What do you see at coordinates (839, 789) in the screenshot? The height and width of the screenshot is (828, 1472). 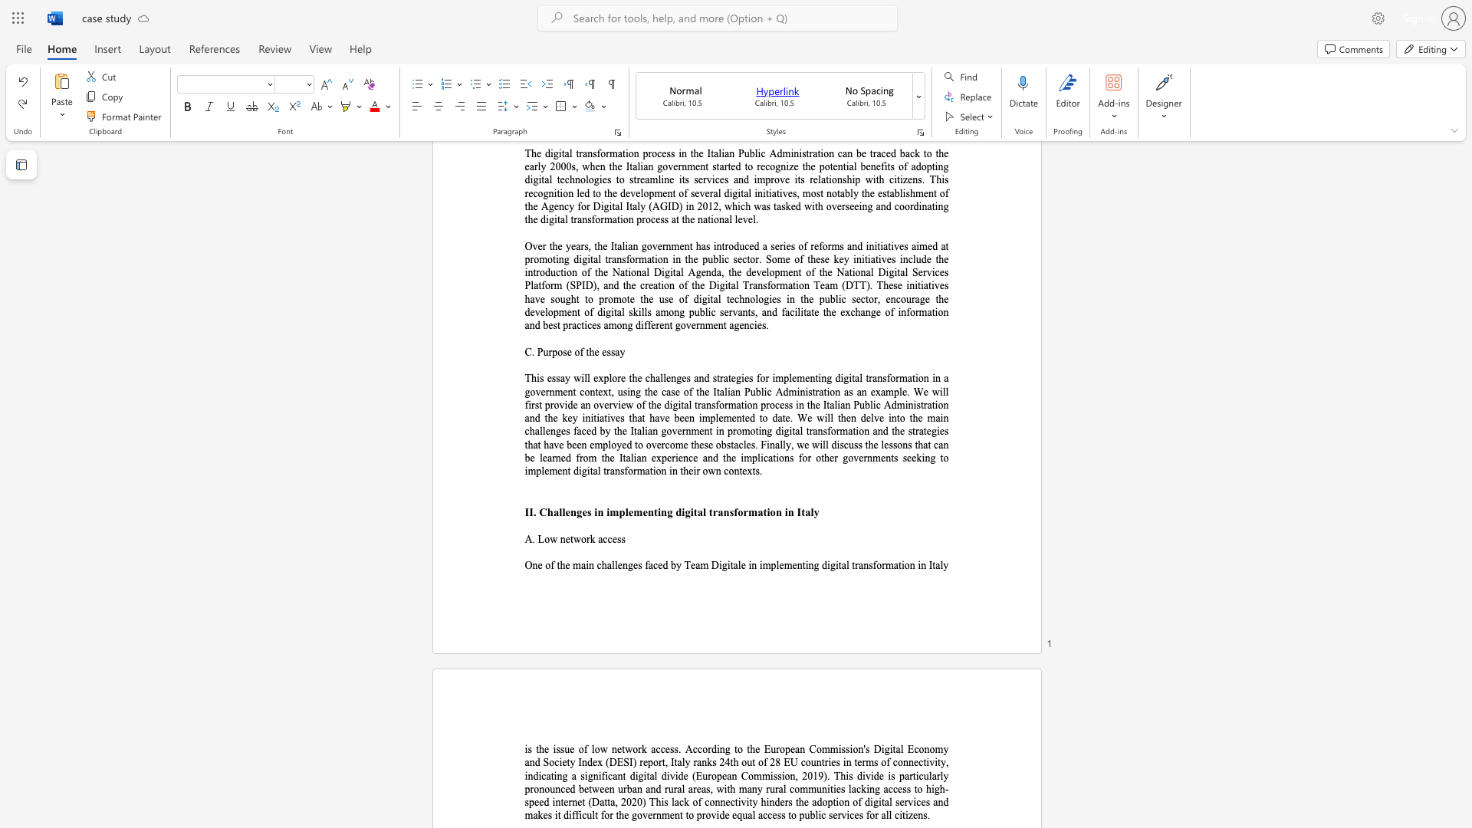 I see `the subset text "s lacking access to high-speed internet (D" within the text "is the issue of low network access. According to the European Commission"` at bounding box center [839, 789].